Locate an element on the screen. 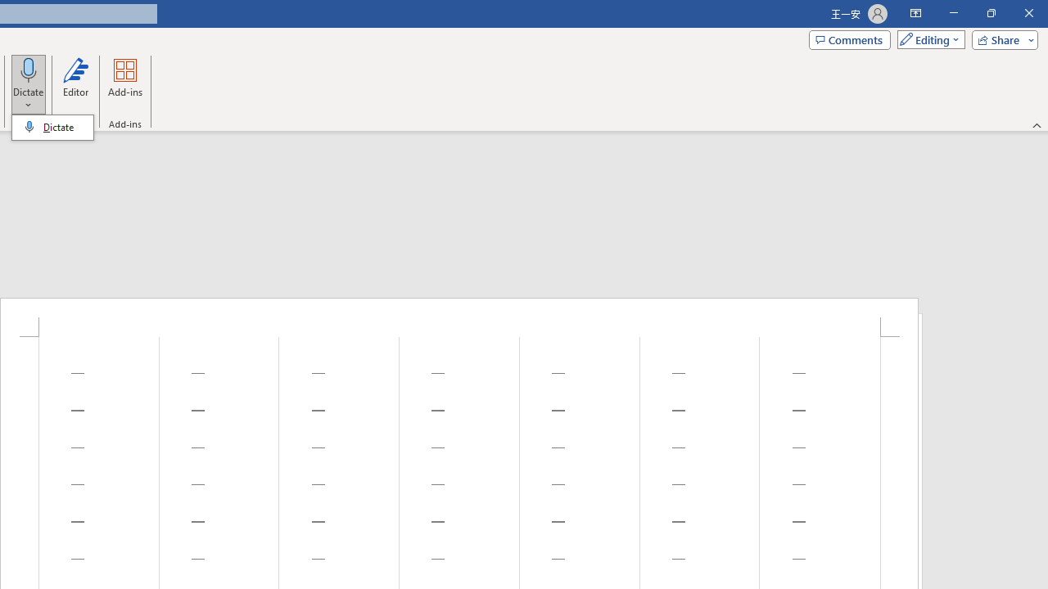  'Mode' is located at coordinates (928, 38).